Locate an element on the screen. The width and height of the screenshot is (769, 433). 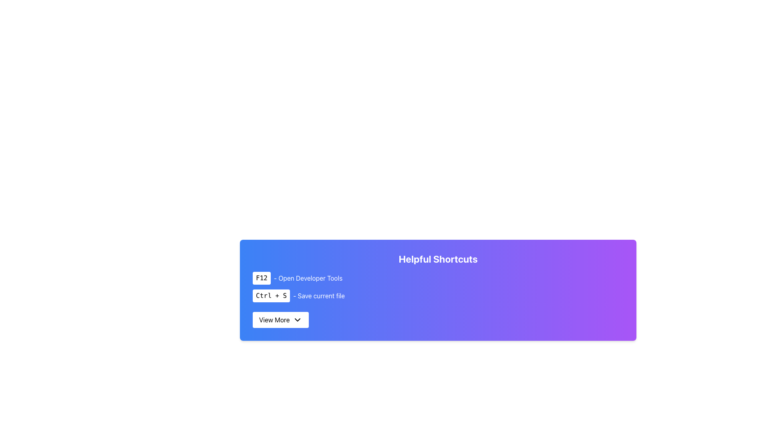
the Text Label that visually represents the keyboard shortcut 'F12', which is associated with opening developer tools is located at coordinates (262, 278).